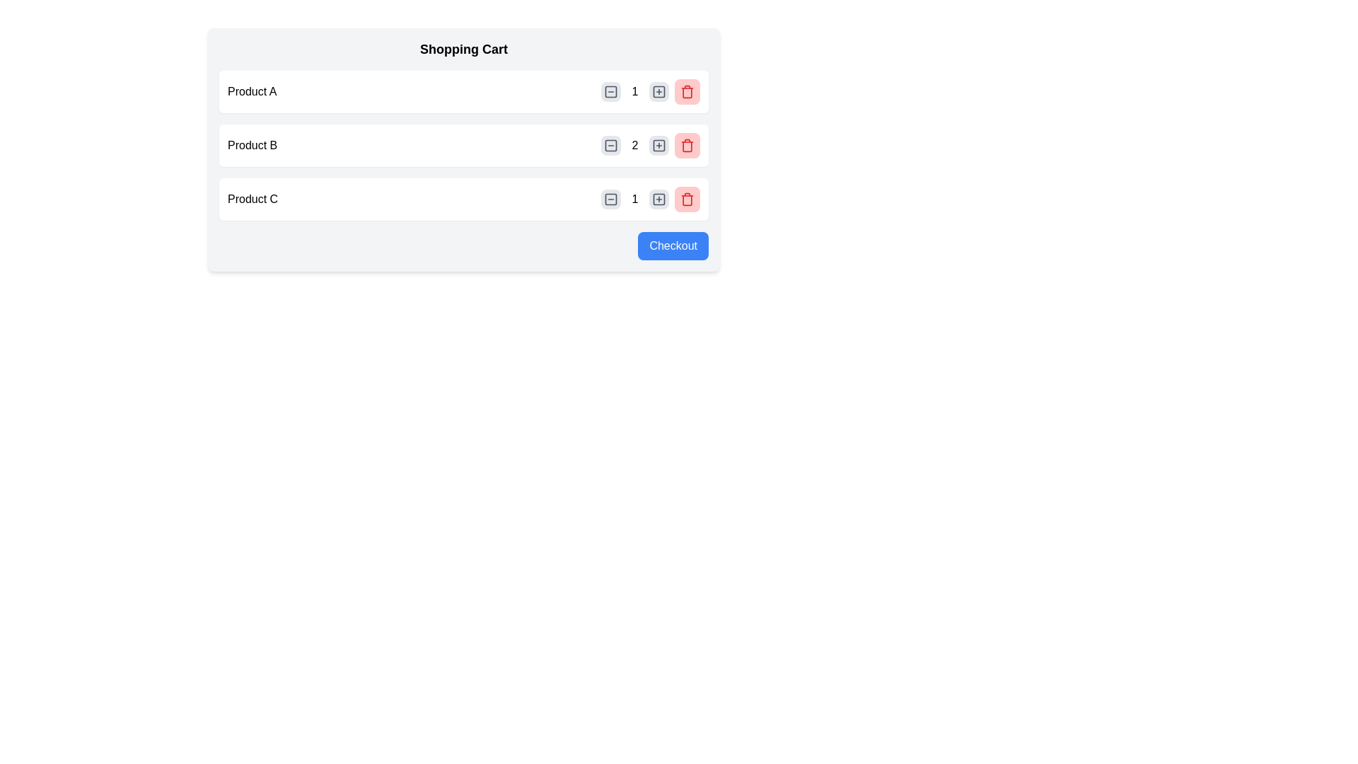 Image resolution: width=1358 pixels, height=764 pixels. I want to click on the static text display field that shows the current quantity of Product C in the shopping cart, located in the third product row between the '-' and '+' buttons, so click(634, 199).